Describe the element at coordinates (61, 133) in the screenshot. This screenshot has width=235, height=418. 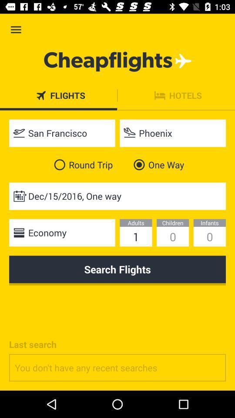
I see `the san francisco` at that location.